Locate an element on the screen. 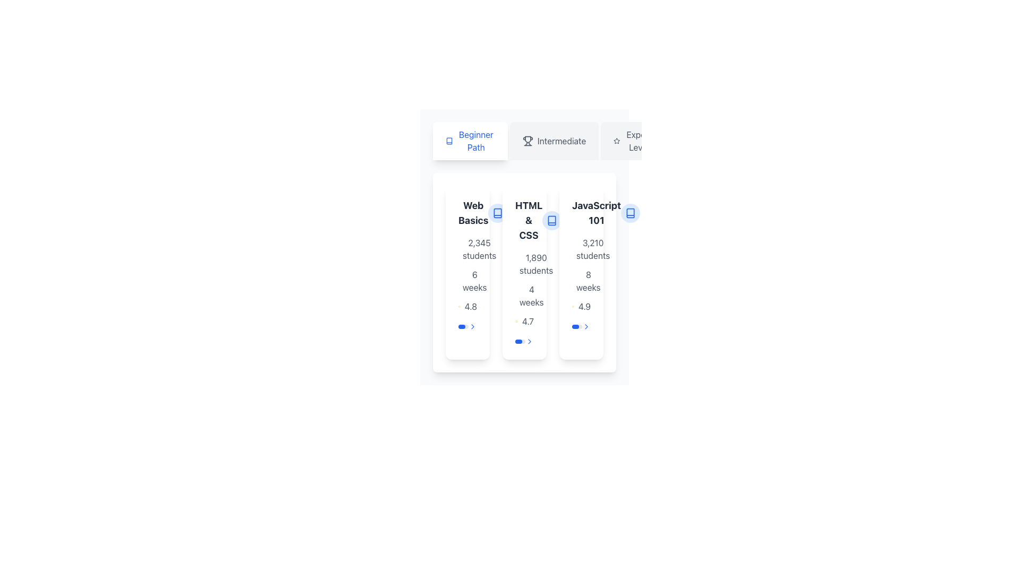  the circular blue icon with a book symbol, located at the top-right corner of the 'JavaScript 101' course card is located at coordinates (630, 213).